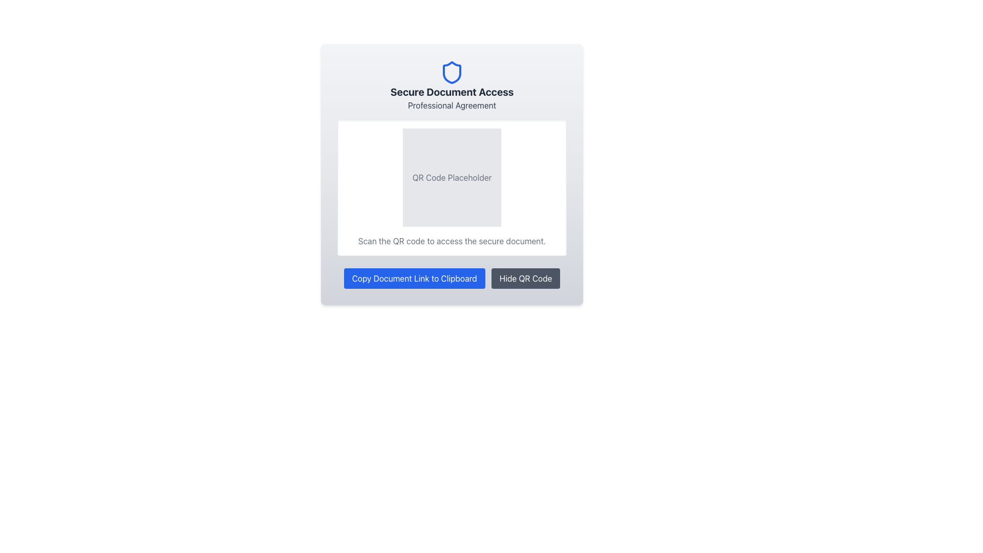  I want to click on the subtitle text element located beneath the title 'Secure Document Access' and above the QR code placeholder in the modal, so click(452, 105).